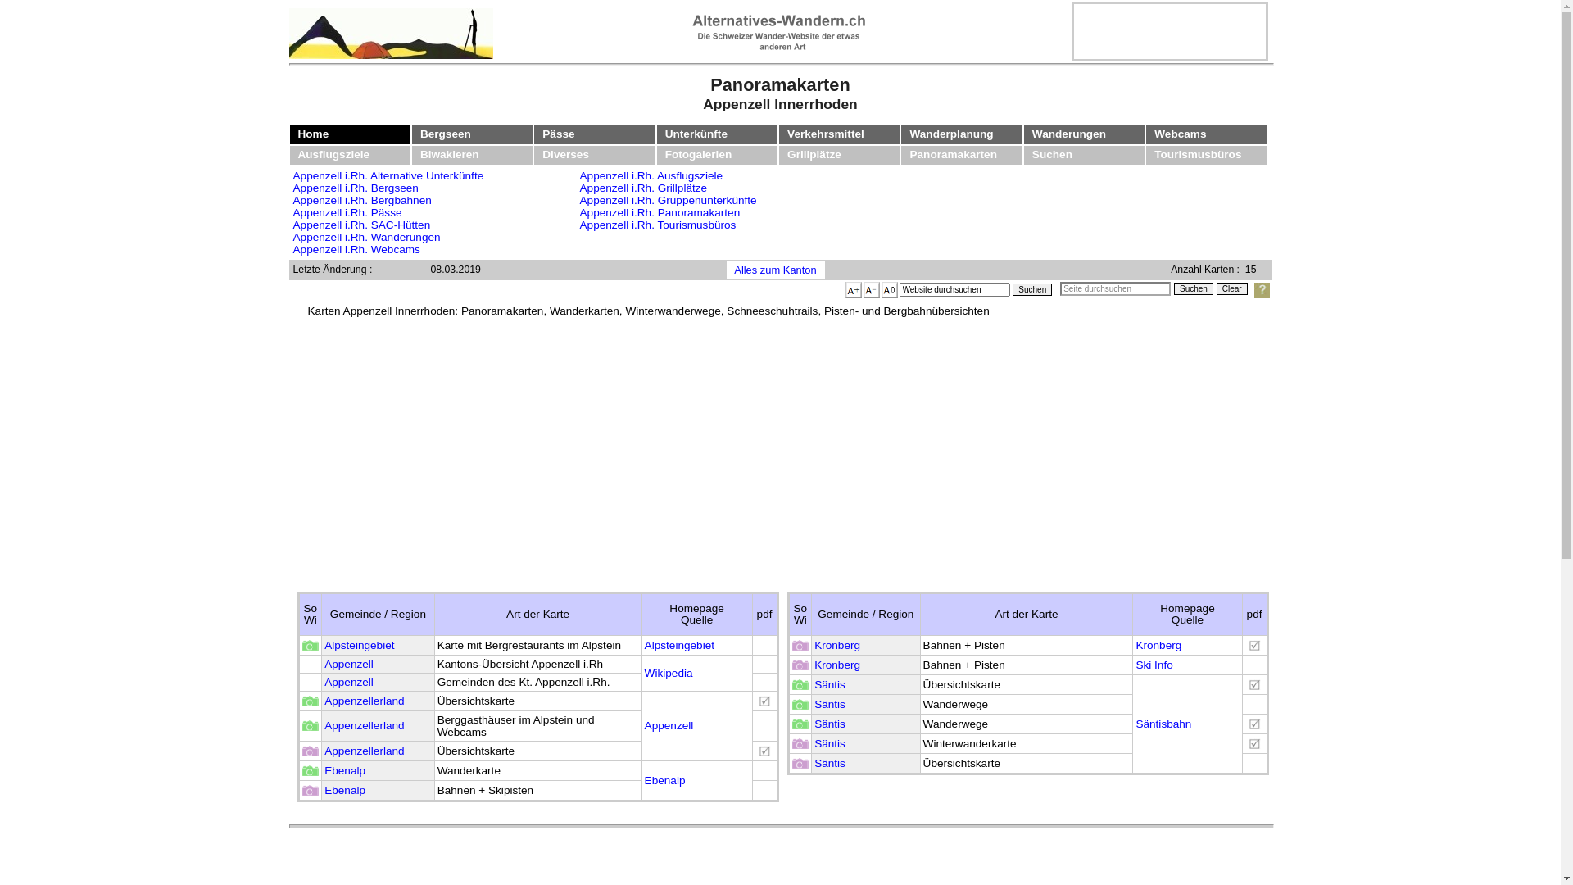 The image size is (1573, 885). What do you see at coordinates (314, 133) in the screenshot?
I see `'Home'` at bounding box center [314, 133].